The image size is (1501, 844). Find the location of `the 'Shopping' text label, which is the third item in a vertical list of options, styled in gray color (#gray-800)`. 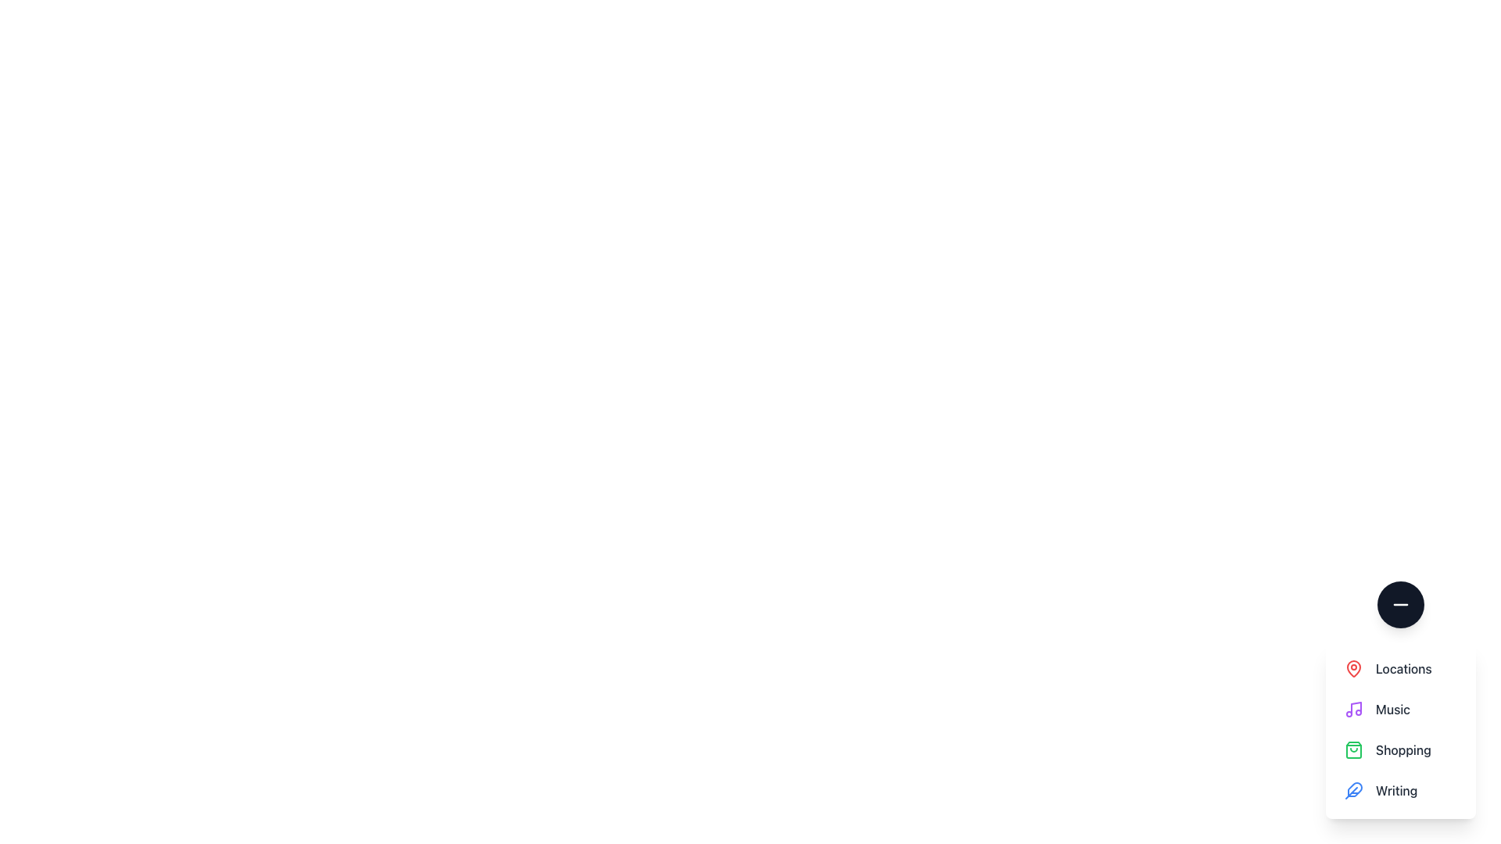

the 'Shopping' text label, which is the third item in a vertical list of options, styled in gray color (#gray-800) is located at coordinates (1403, 749).